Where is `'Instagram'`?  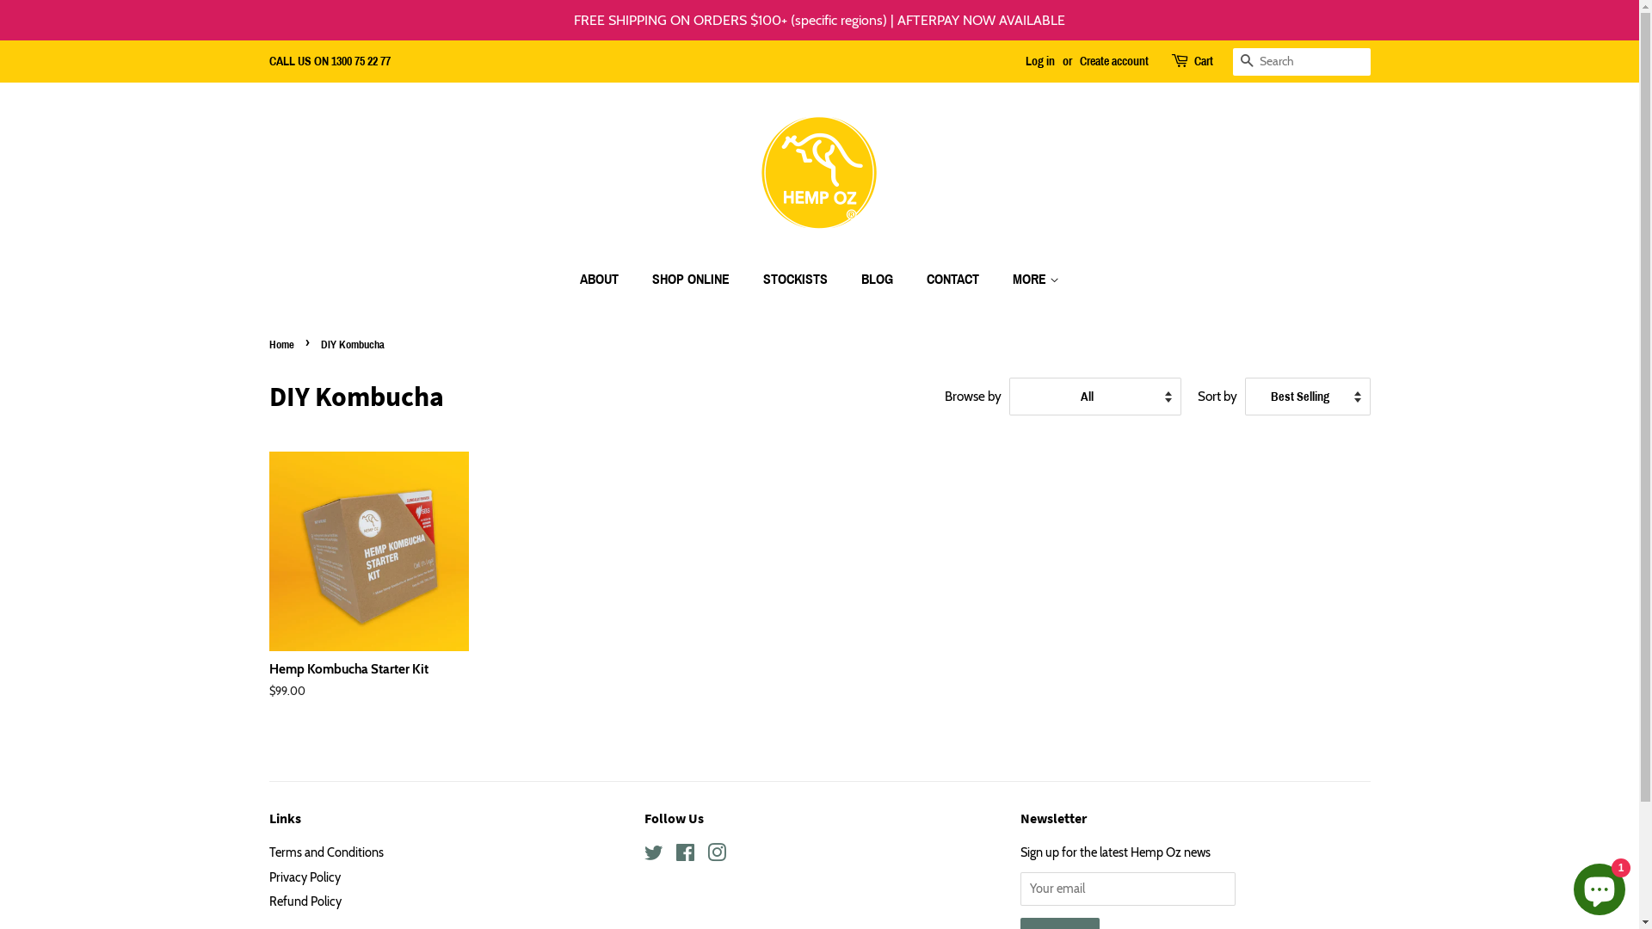 'Instagram' is located at coordinates (717, 856).